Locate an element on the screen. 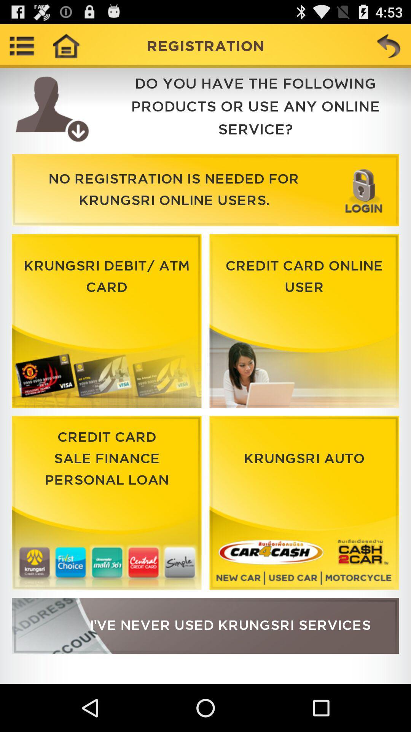  shows setting icon is located at coordinates (21, 45).